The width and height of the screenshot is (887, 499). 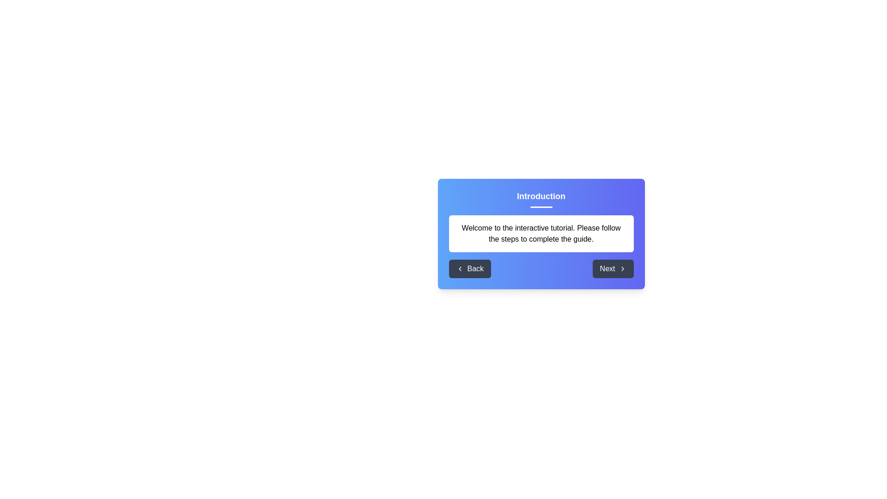 I want to click on the 'Next' button, which is a rectangular button with rounded corners on a dark gray background, located at the bottom-right side of a central modal window, so click(x=613, y=269).